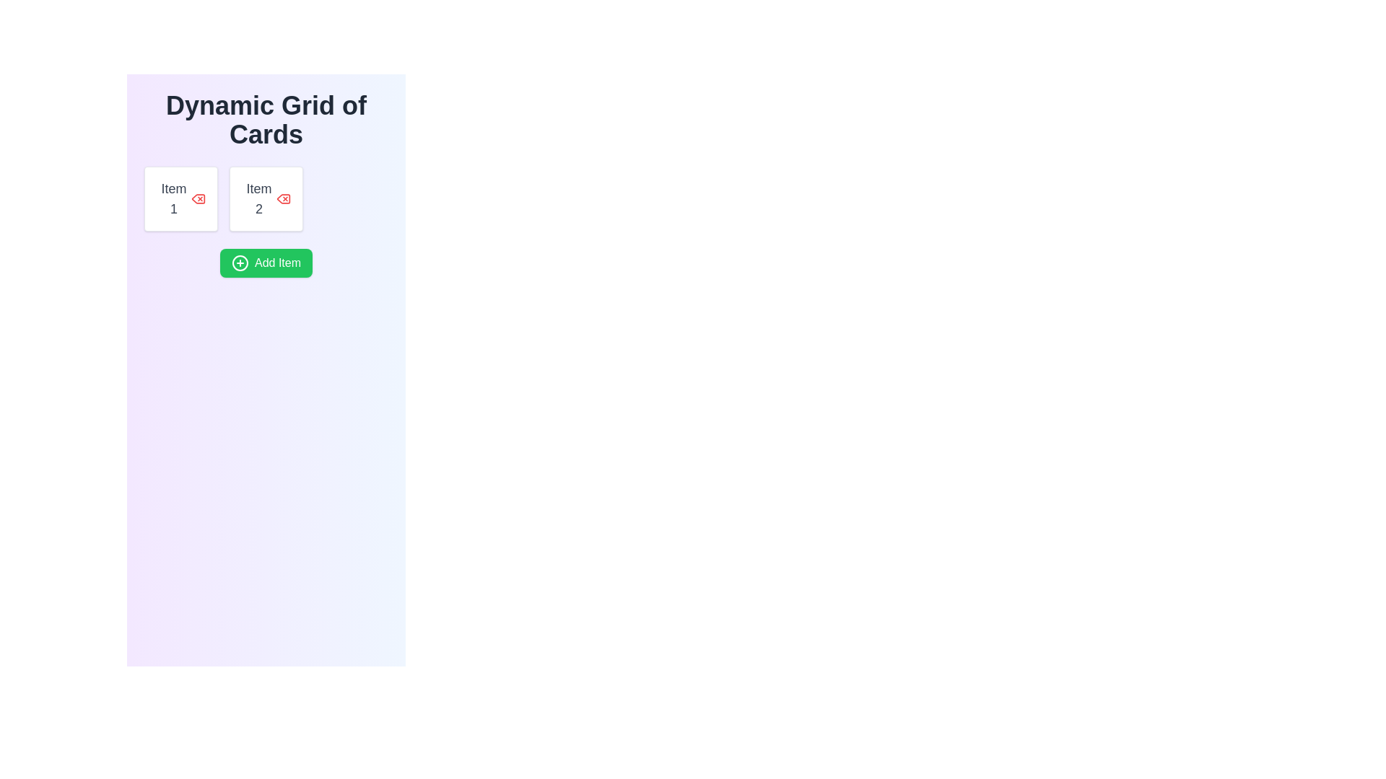 The height and width of the screenshot is (779, 1386). What do you see at coordinates (240, 263) in the screenshot?
I see `the icon inside the 'Add Item' button, which is visually aligned to the left of the text within a green button` at bounding box center [240, 263].